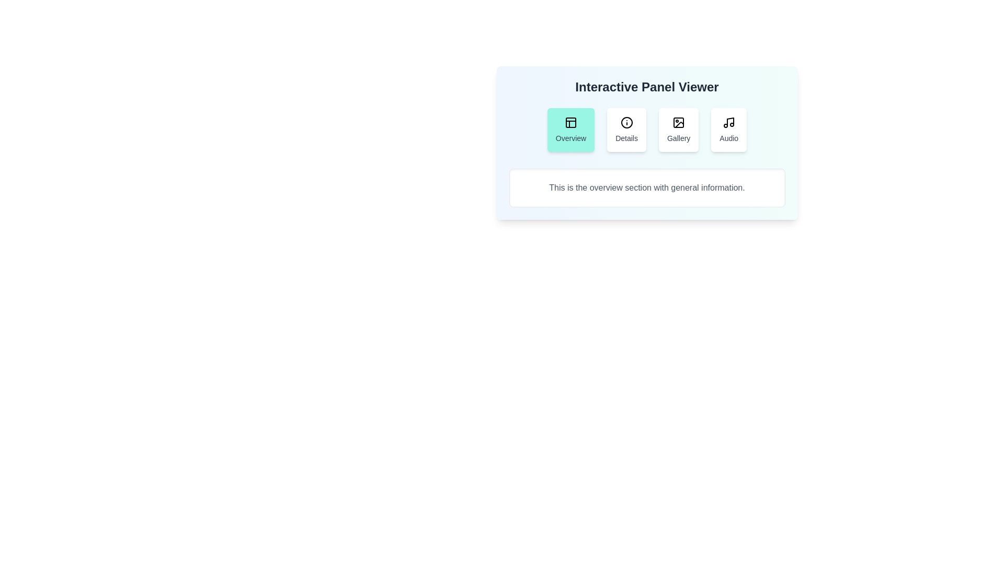 The image size is (1004, 564). What do you see at coordinates (646, 187) in the screenshot?
I see `the text element that provides an overview of the current active section, which is centrally positioned within a white bordered rectangular box located below the tabs labeled Overview, Details, Gallery, and Audio` at bounding box center [646, 187].